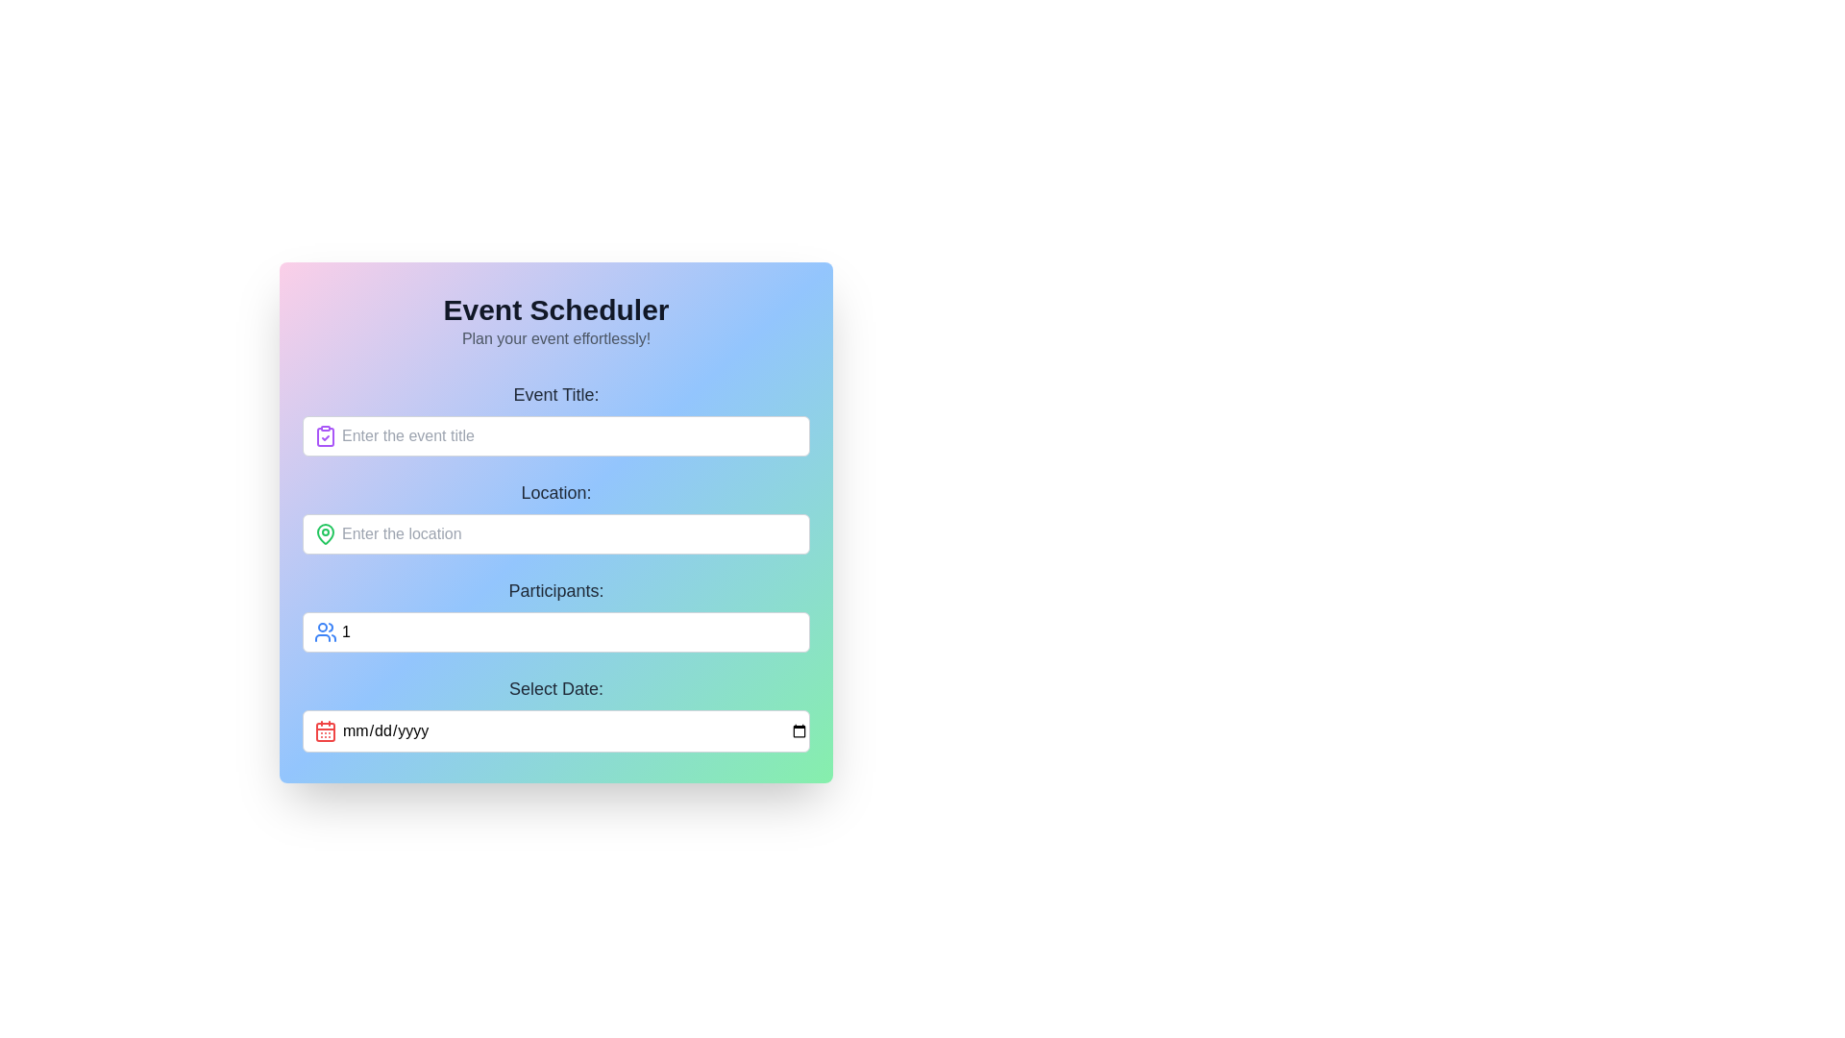 This screenshot has width=1845, height=1038. I want to click on the icon in the input area for specifying the number of participants, so click(555, 615).